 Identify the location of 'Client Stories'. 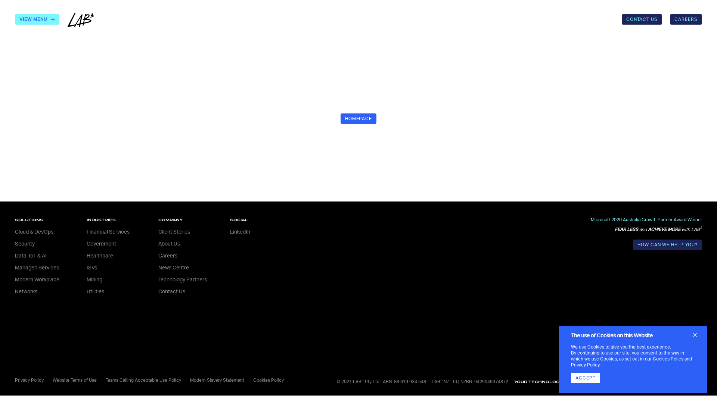
(174, 231).